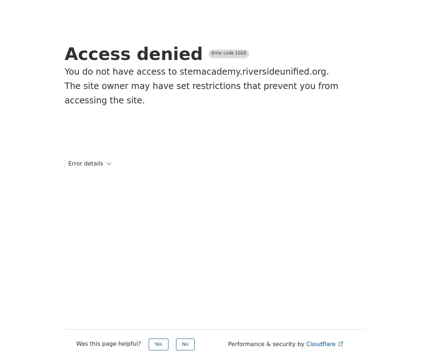 Image resolution: width=431 pixels, height=359 pixels. What do you see at coordinates (223, 53) in the screenshot?
I see `'Error code'` at bounding box center [223, 53].